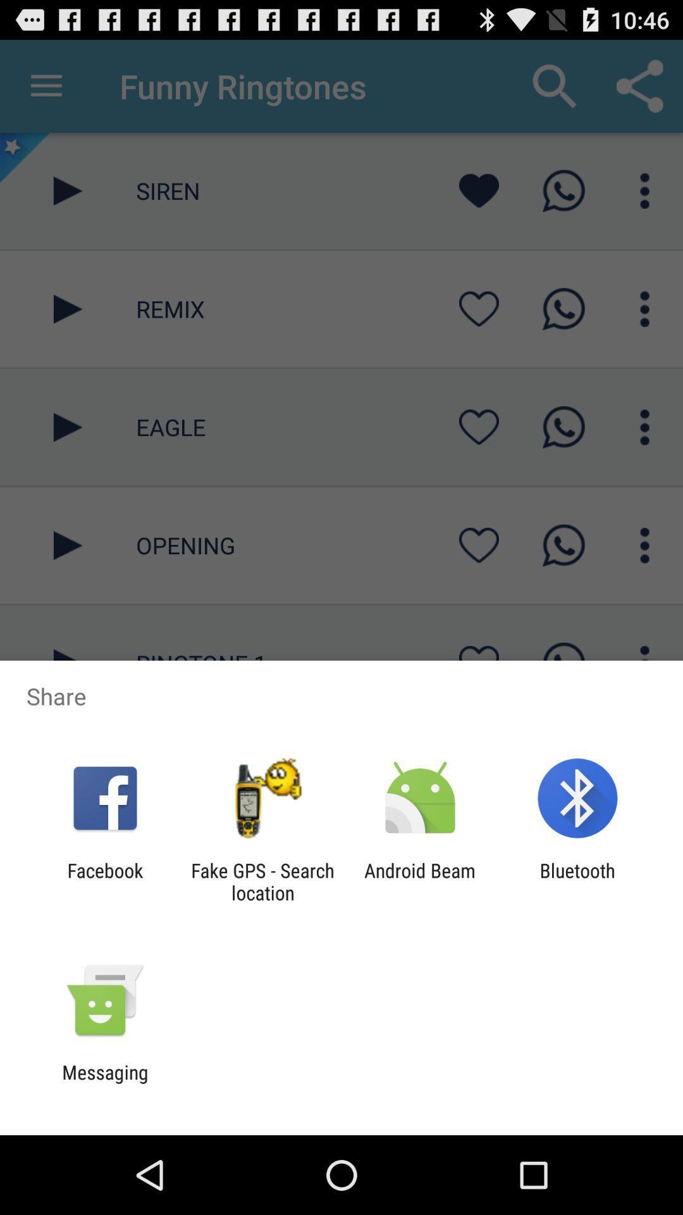 This screenshot has height=1215, width=683. What do you see at coordinates (104, 1083) in the screenshot?
I see `messaging item` at bounding box center [104, 1083].